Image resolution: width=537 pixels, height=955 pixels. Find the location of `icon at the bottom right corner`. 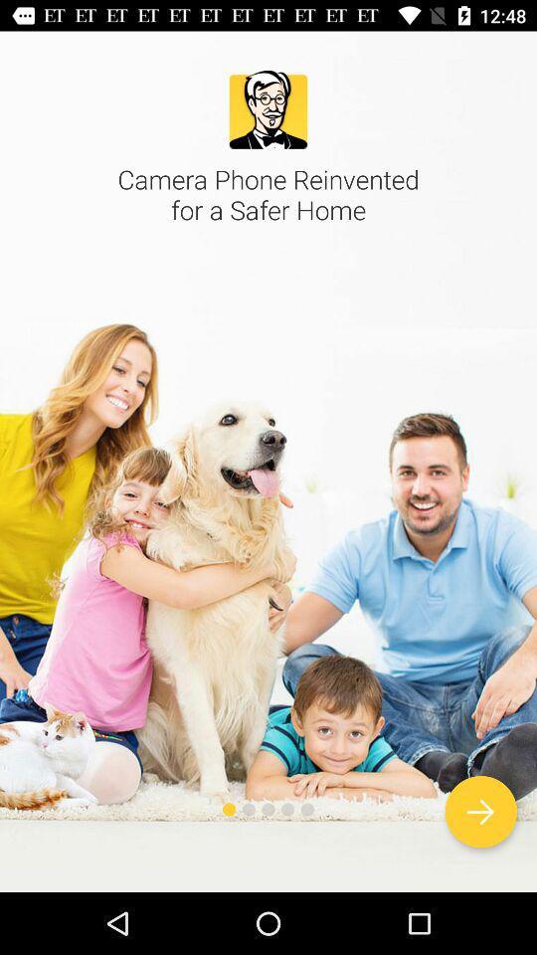

icon at the bottom right corner is located at coordinates (479, 812).